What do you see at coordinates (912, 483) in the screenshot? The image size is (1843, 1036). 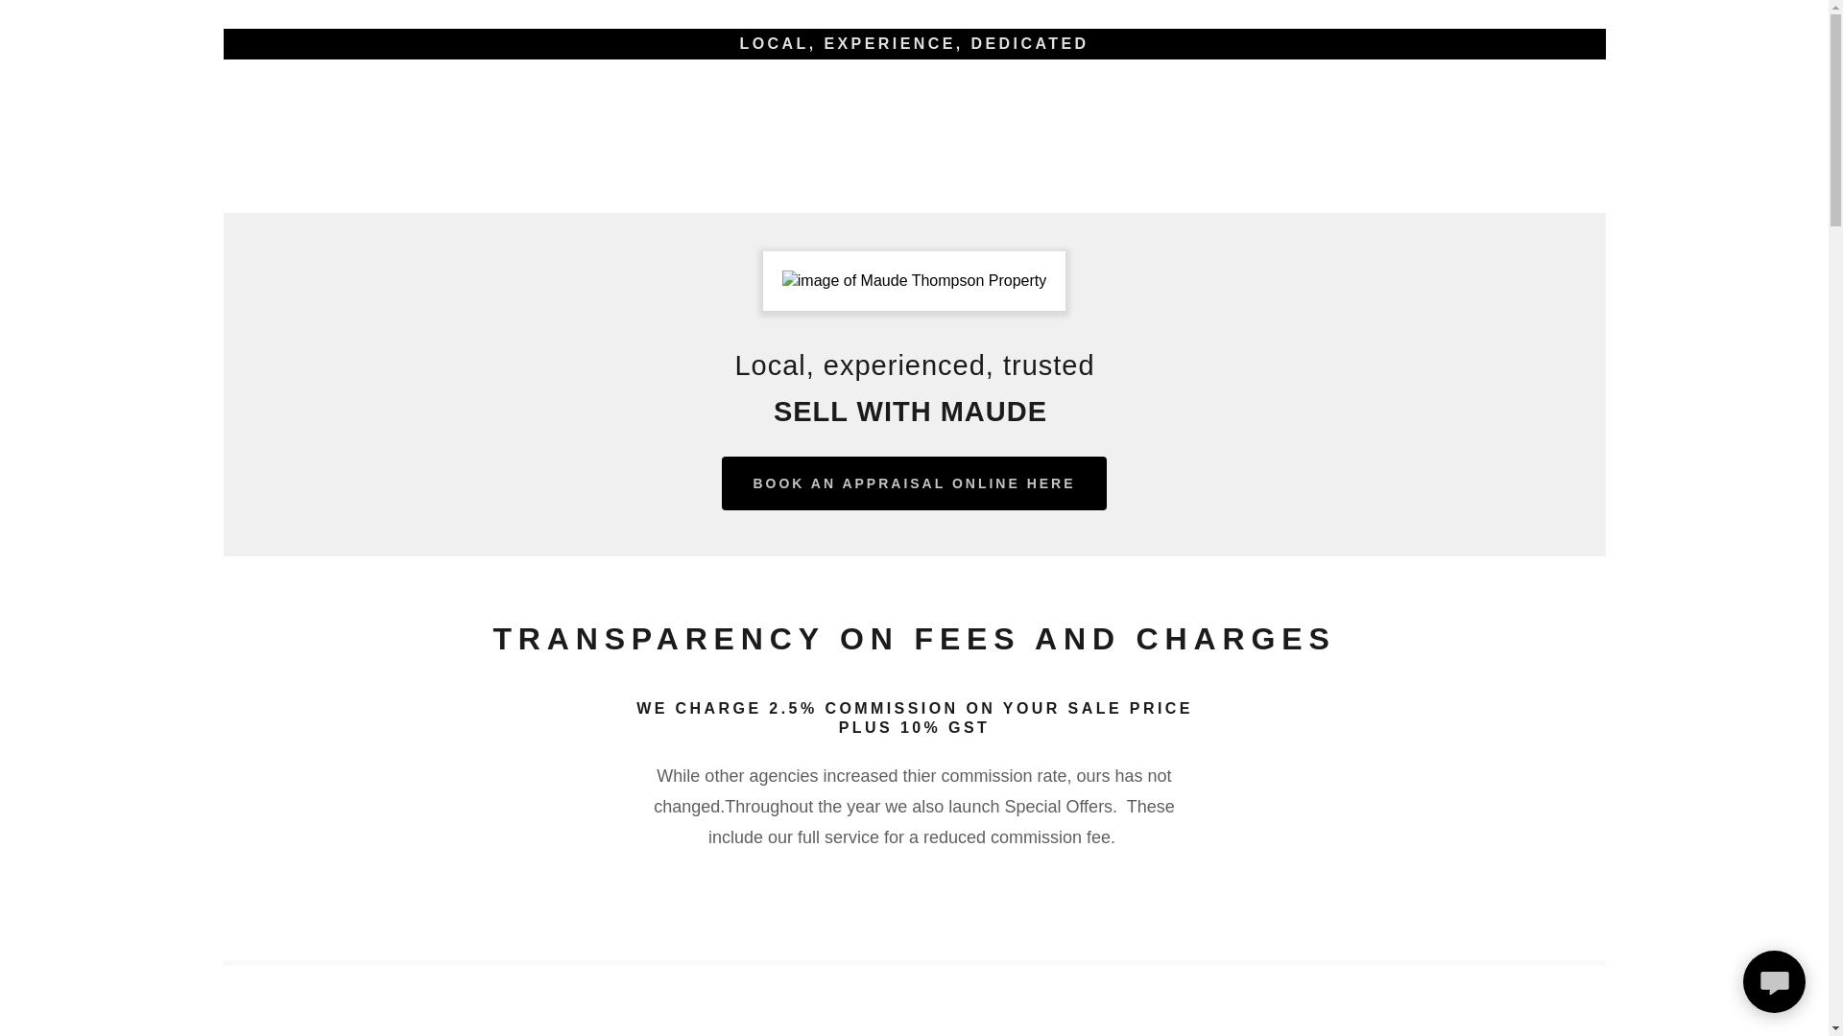 I see `'BOOK AN APPRAISAL ONLINE HERE'` at bounding box center [912, 483].